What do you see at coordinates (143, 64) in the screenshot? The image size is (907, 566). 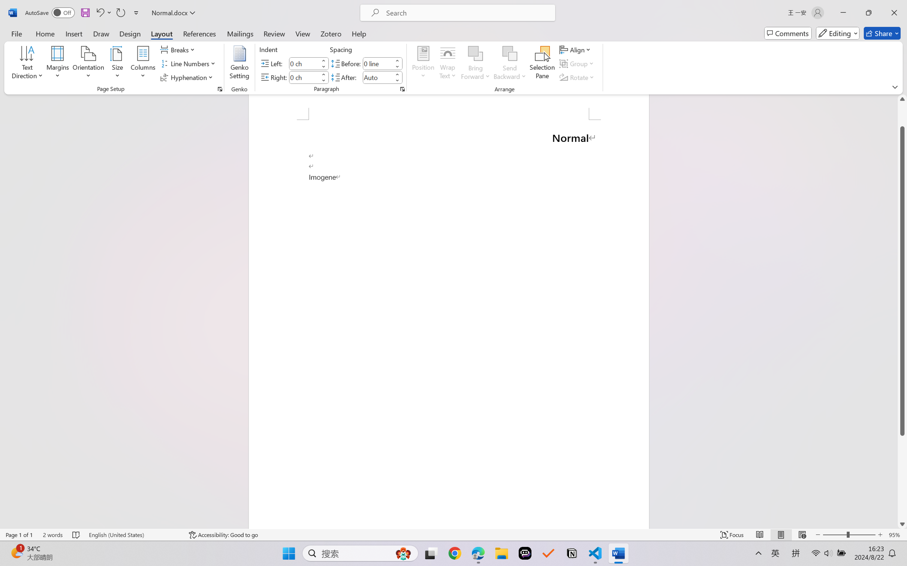 I see `'Columns'` at bounding box center [143, 64].